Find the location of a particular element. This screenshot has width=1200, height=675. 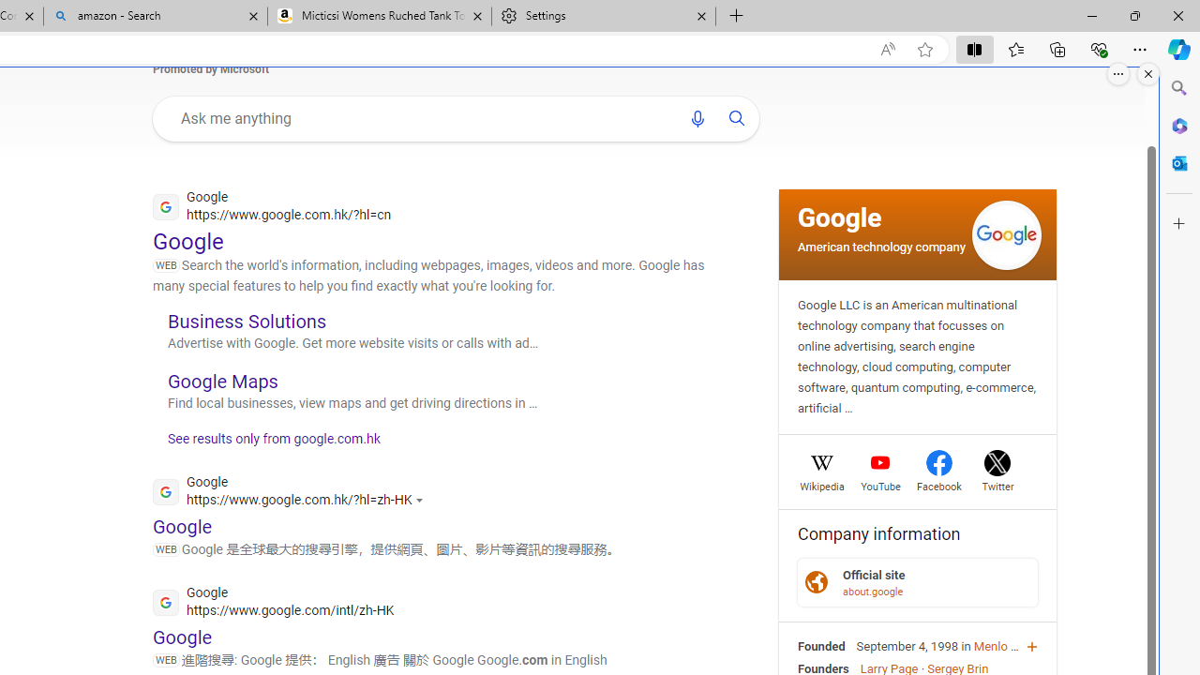

'See results only from google.com.hk' is located at coordinates (265, 443).